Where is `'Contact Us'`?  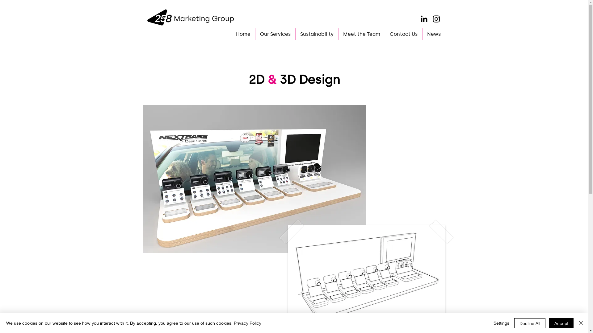
'Contact Us' is located at coordinates (403, 34).